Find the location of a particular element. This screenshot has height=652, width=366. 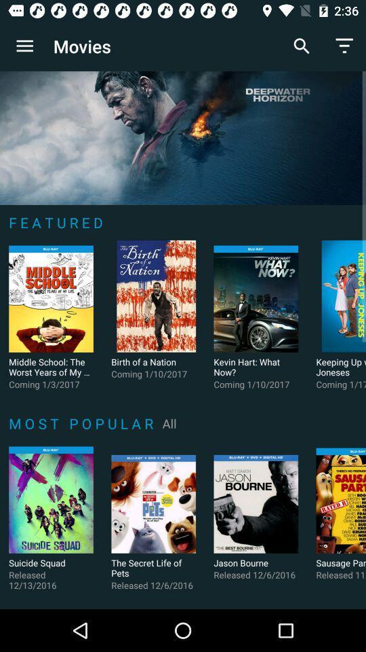

the item next to the m o s icon is located at coordinates (169, 422).